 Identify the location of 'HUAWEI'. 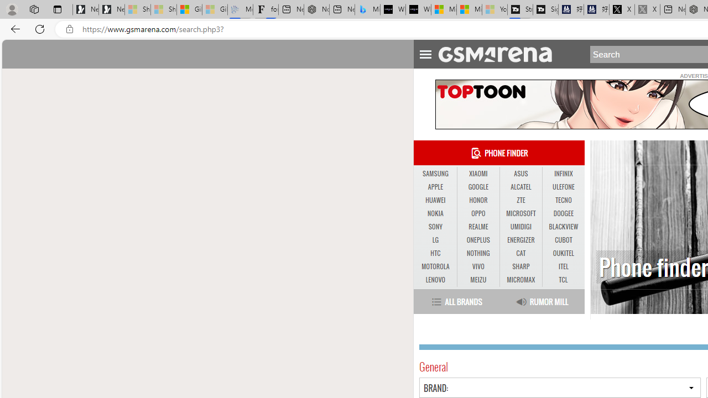
(435, 200).